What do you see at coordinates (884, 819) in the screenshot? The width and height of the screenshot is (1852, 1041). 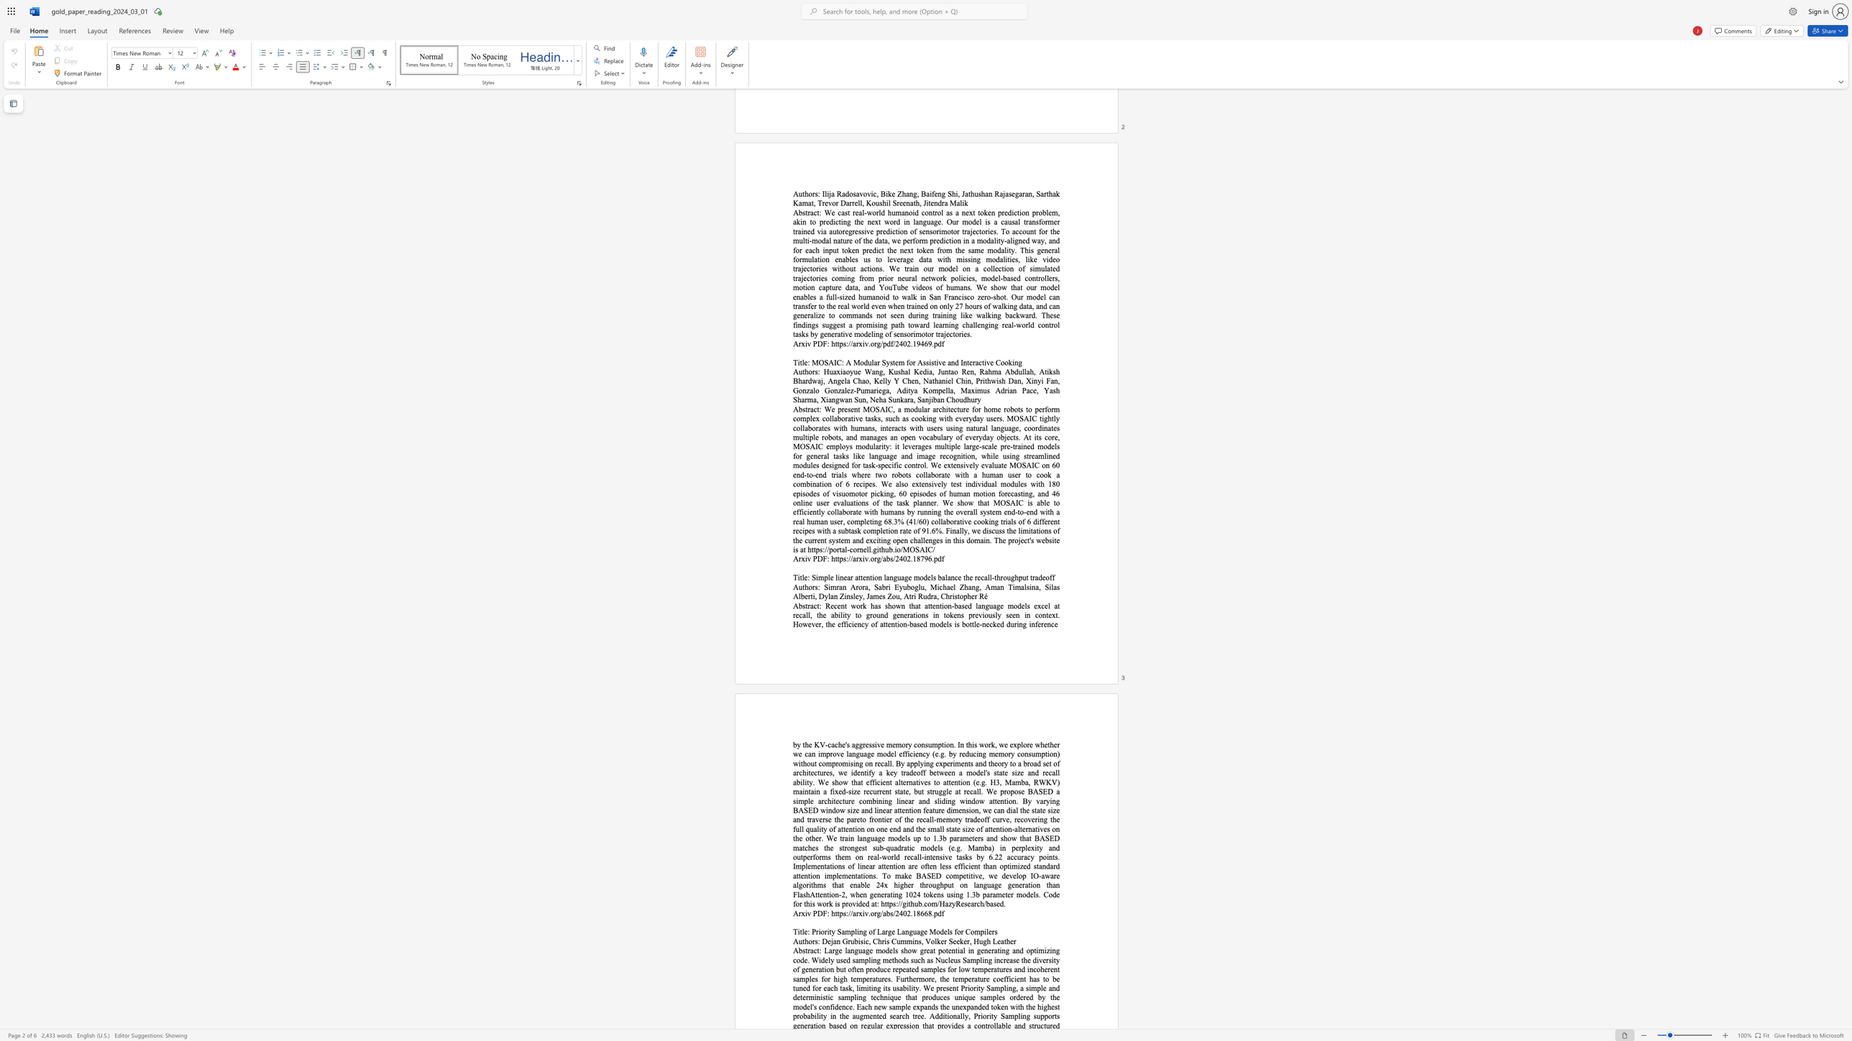 I see `the subset text "ier of the recall-memory tradeoff curve, recovering the full quality of attention" within the text "by the KV-cache"` at bounding box center [884, 819].